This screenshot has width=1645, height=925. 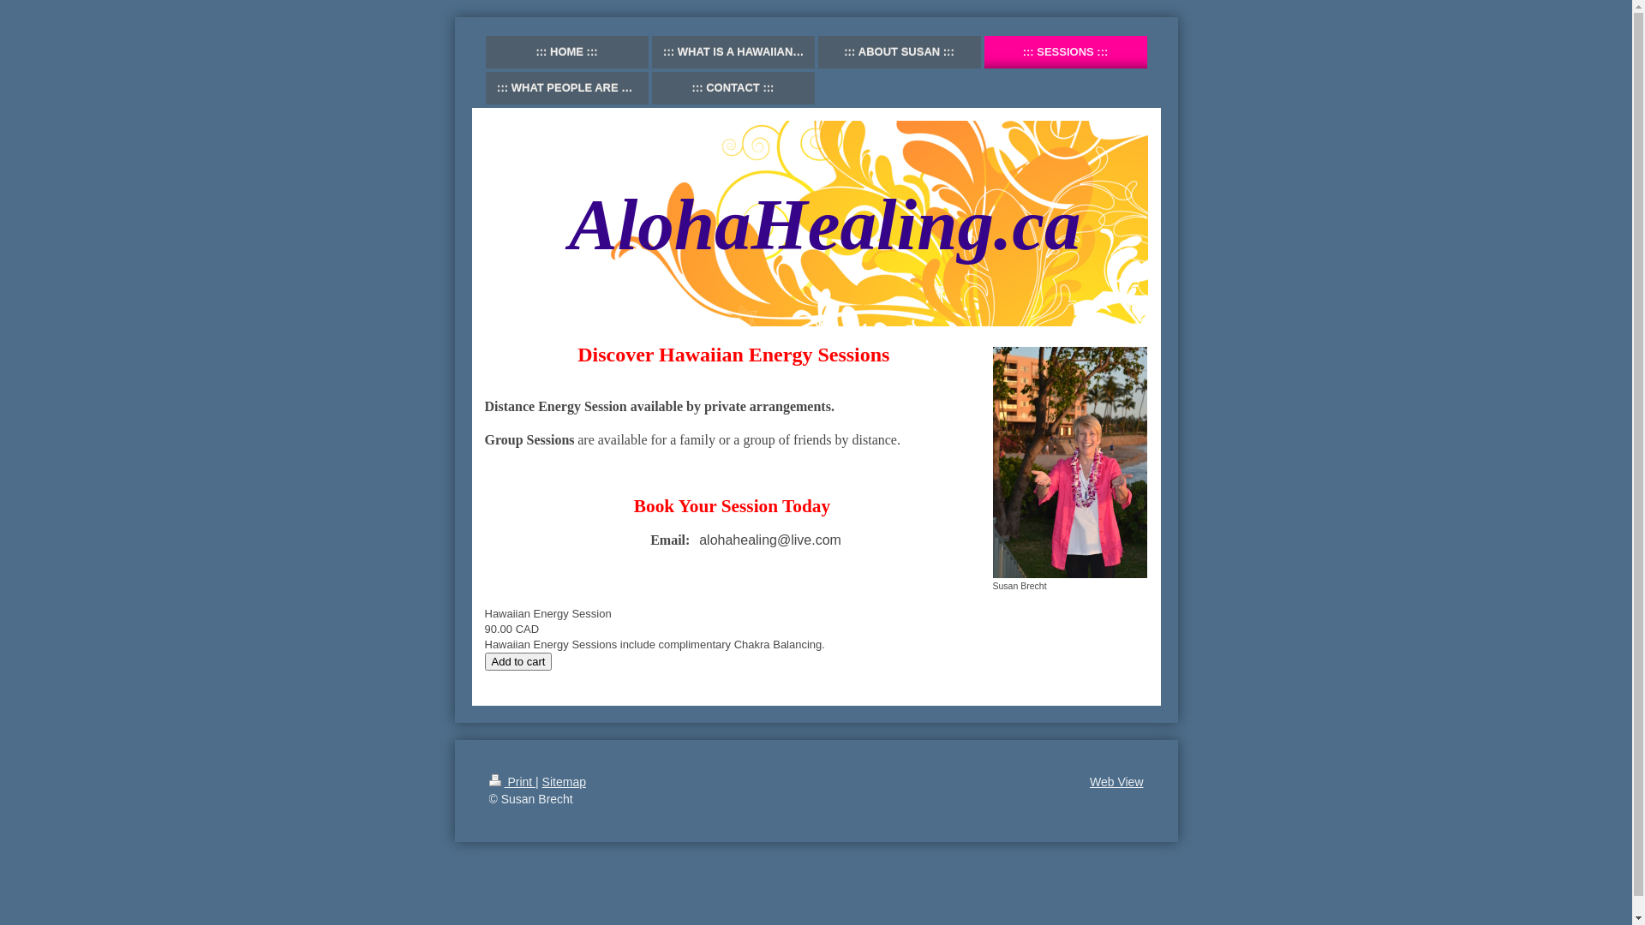 What do you see at coordinates (1064, 51) in the screenshot?
I see `'SESSIONS'` at bounding box center [1064, 51].